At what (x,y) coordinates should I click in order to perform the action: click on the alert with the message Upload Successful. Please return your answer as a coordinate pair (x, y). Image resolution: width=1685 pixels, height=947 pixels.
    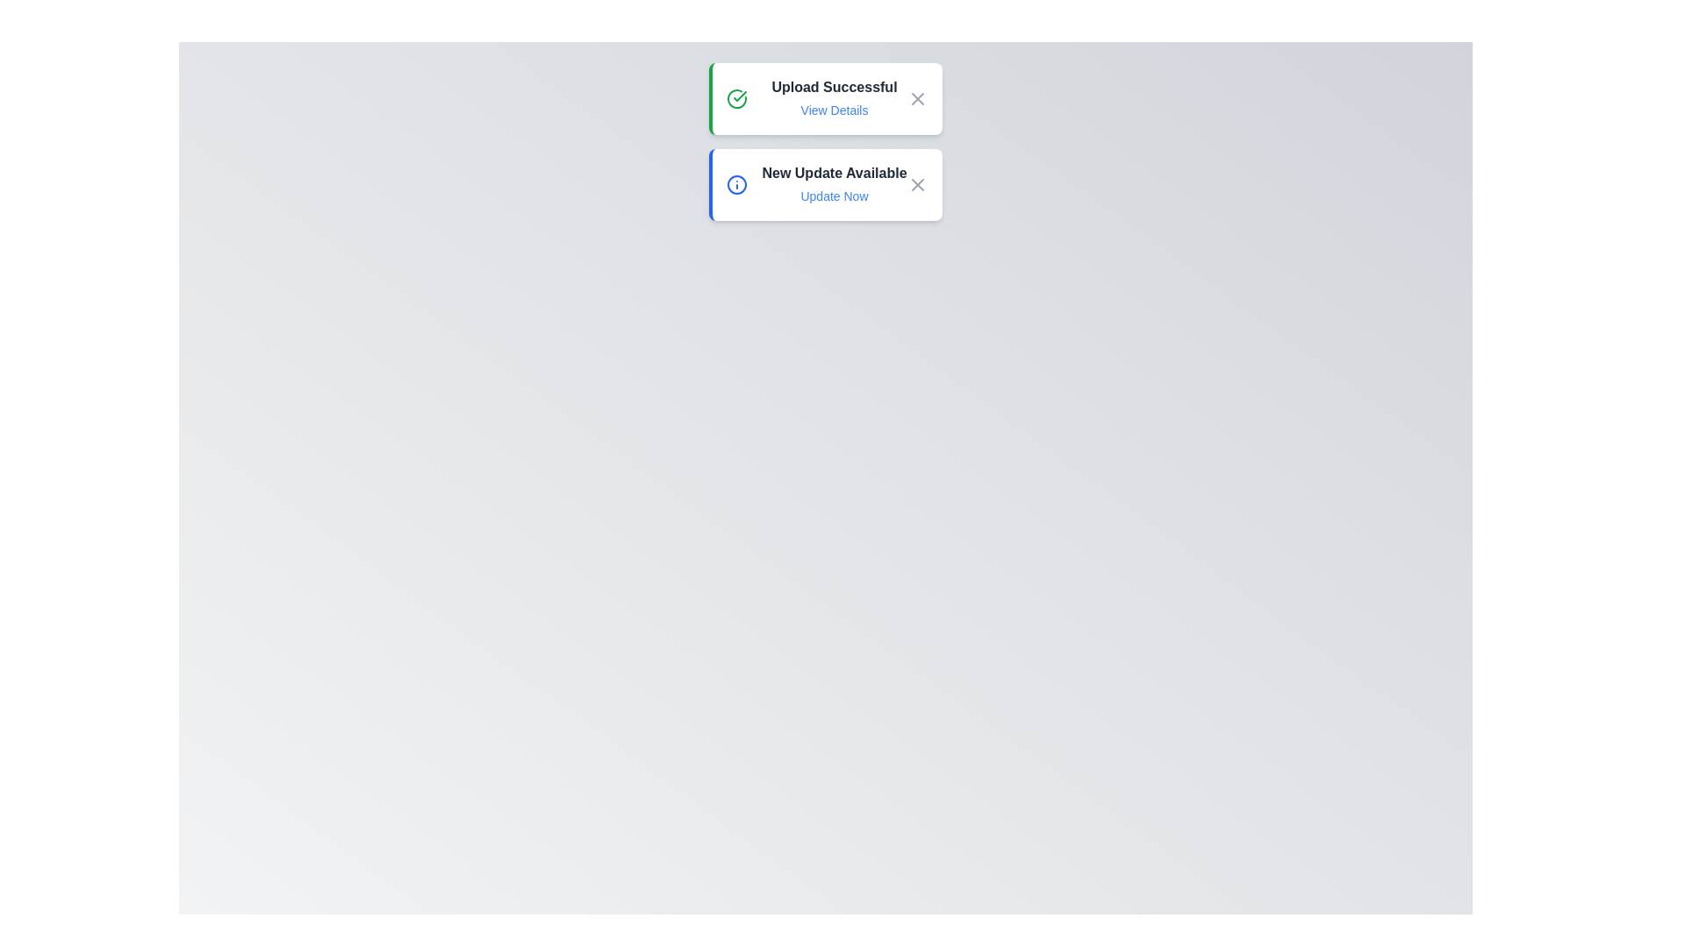
    Looking at the image, I should click on (824, 98).